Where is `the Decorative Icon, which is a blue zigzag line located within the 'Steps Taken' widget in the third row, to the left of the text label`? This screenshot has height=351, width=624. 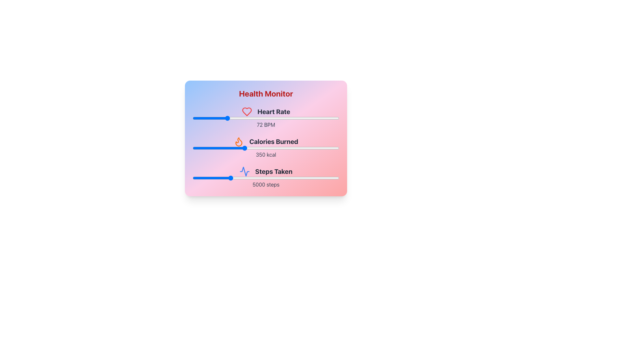
the Decorative Icon, which is a blue zigzag line located within the 'Steps Taken' widget in the third row, to the left of the text label is located at coordinates (244, 171).